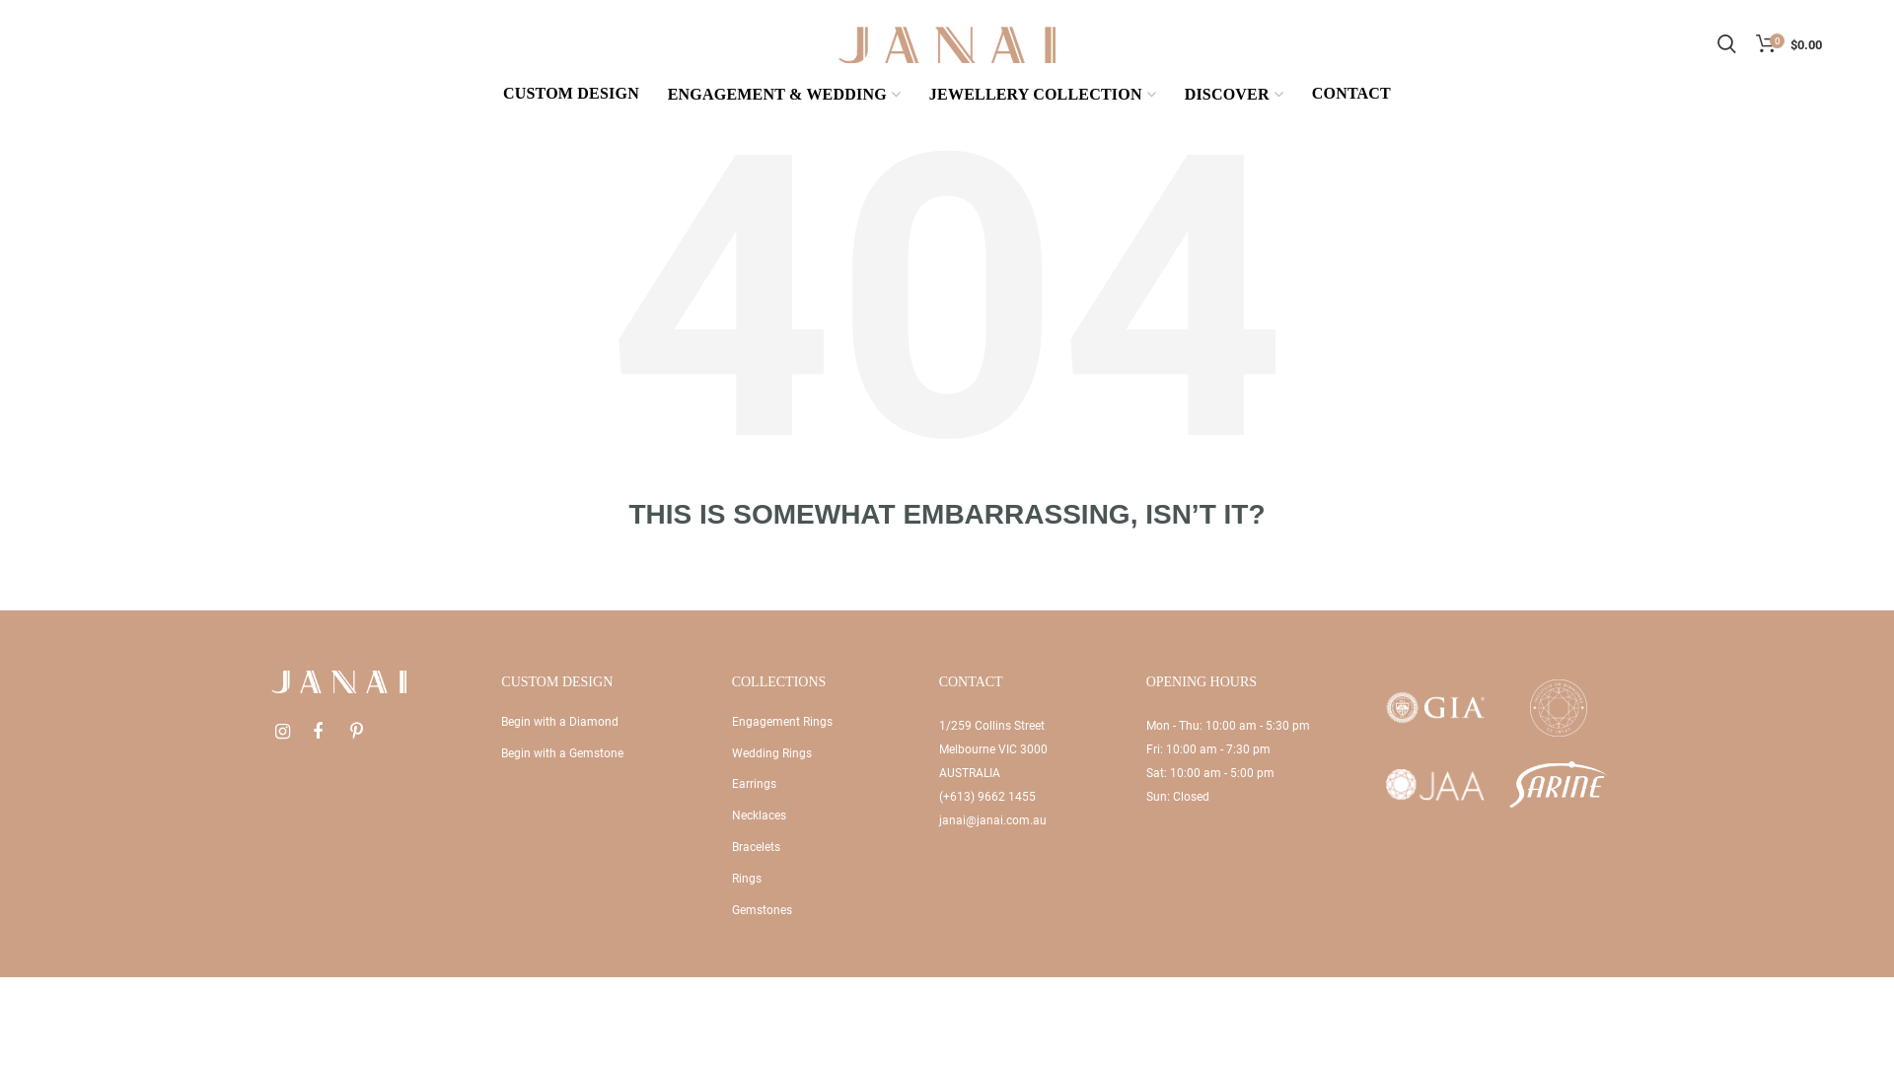  Describe the element at coordinates (746, 878) in the screenshot. I see `'Rings'` at that location.